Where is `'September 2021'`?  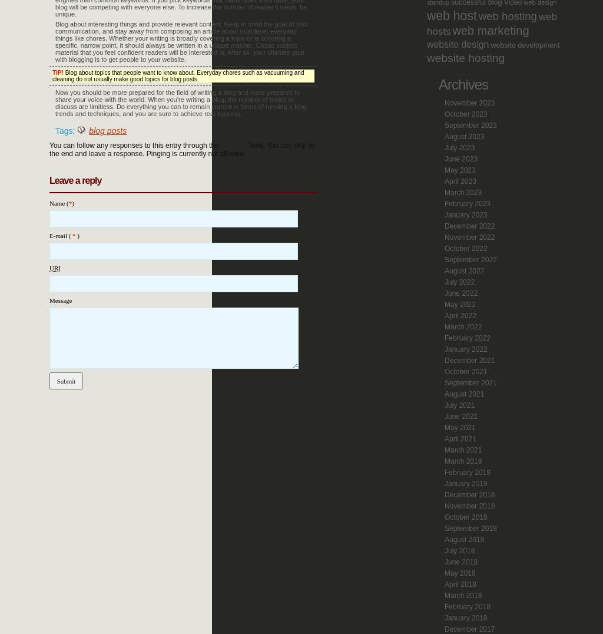
'September 2021' is located at coordinates (471, 382).